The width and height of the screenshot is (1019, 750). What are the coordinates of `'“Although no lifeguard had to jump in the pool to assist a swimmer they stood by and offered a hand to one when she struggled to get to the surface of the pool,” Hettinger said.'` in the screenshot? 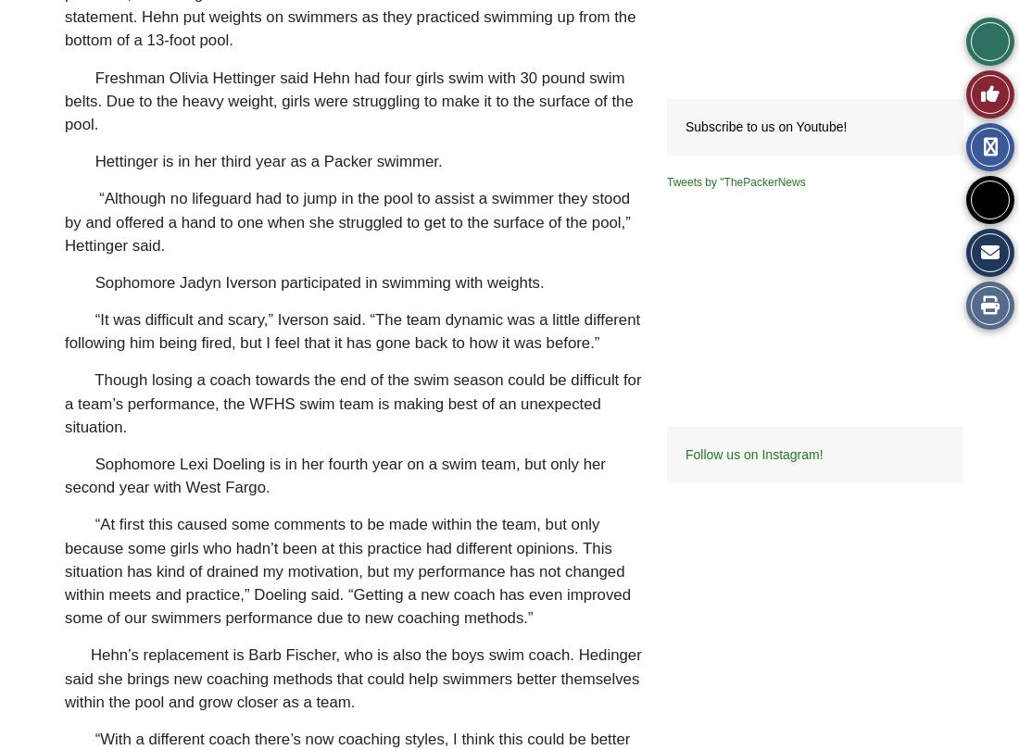 It's located at (346, 220).